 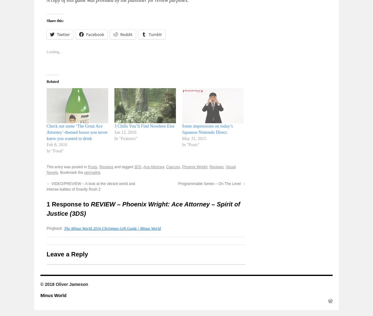 What do you see at coordinates (47, 169) in the screenshot?
I see `'Visual Novels'` at bounding box center [47, 169].